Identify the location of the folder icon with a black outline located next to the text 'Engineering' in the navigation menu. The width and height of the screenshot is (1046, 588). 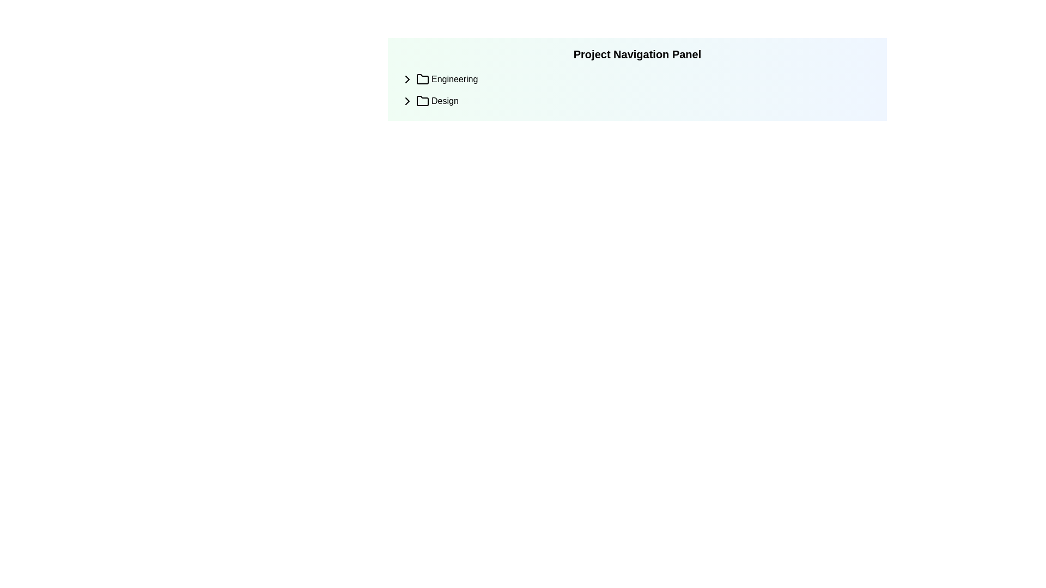
(422, 79).